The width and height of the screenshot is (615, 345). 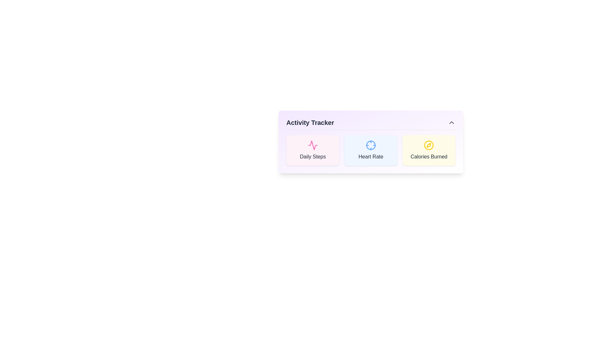 What do you see at coordinates (371, 145) in the screenshot?
I see `the SVG Circle element, which is a circular graphical component with a 10-unit radius, located within the 'Heart Rate' icon in the 'Activity Tracker' panel` at bounding box center [371, 145].